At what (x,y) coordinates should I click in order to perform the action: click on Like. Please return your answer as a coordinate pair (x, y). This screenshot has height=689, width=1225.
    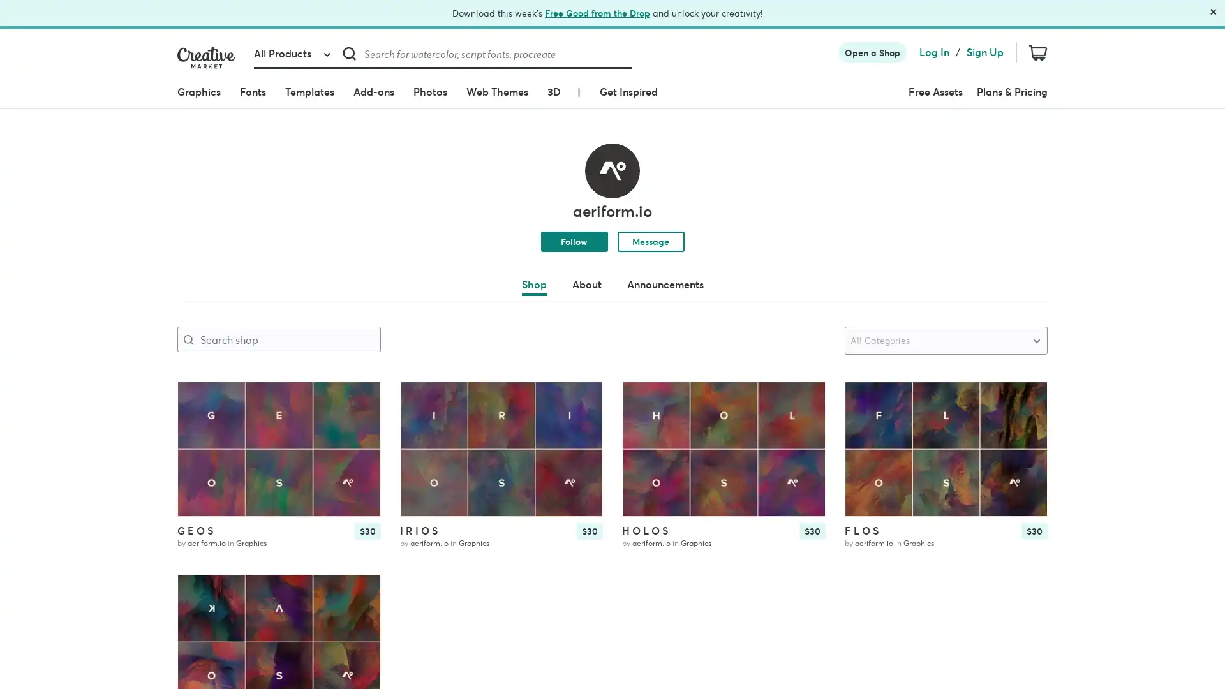
    Looking at the image, I should click on (1027, 400).